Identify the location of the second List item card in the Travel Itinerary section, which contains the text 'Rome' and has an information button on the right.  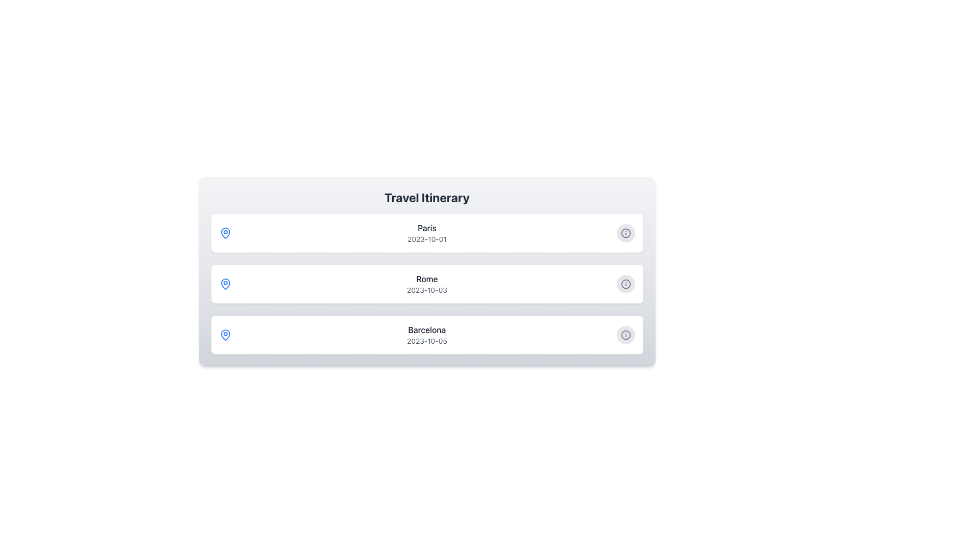
(427, 271).